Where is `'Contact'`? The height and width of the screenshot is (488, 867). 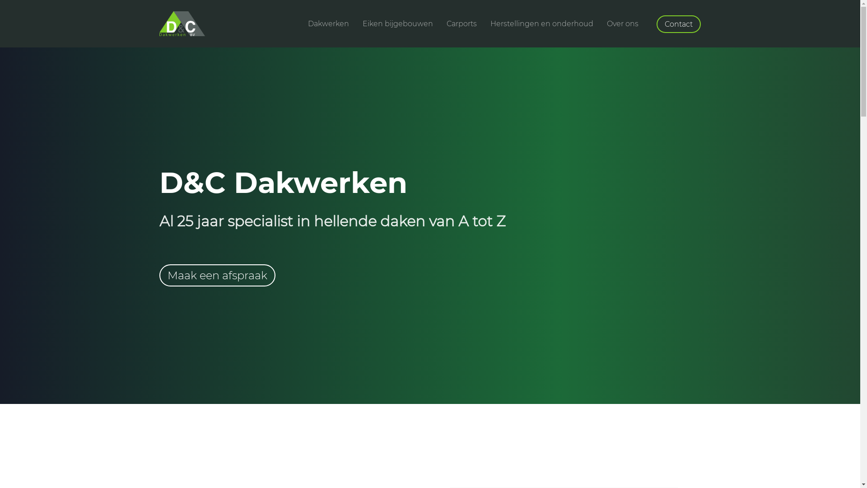
'Contact' is located at coordinates (657, 23).